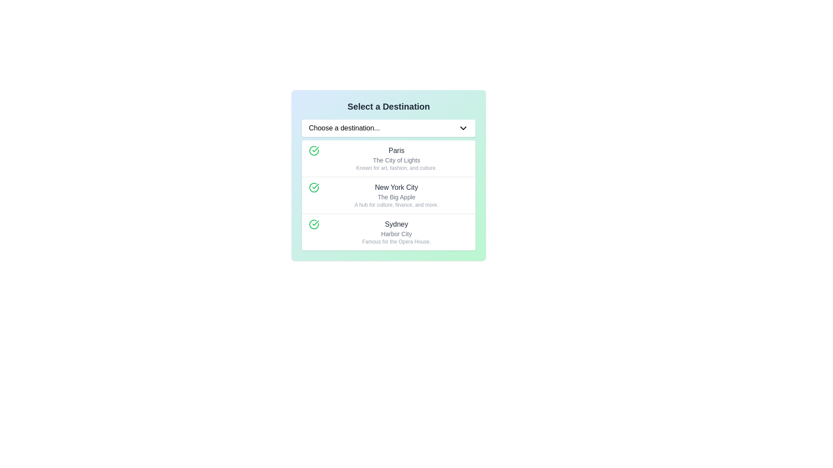  What do you see at coordinates (396, 205) in the screenshot?
I see `the informational text that provides additional context about 'New York City', located in the third list entry in the dropdown menu under 'Select a Destination'` at bounding box center [396, 205].